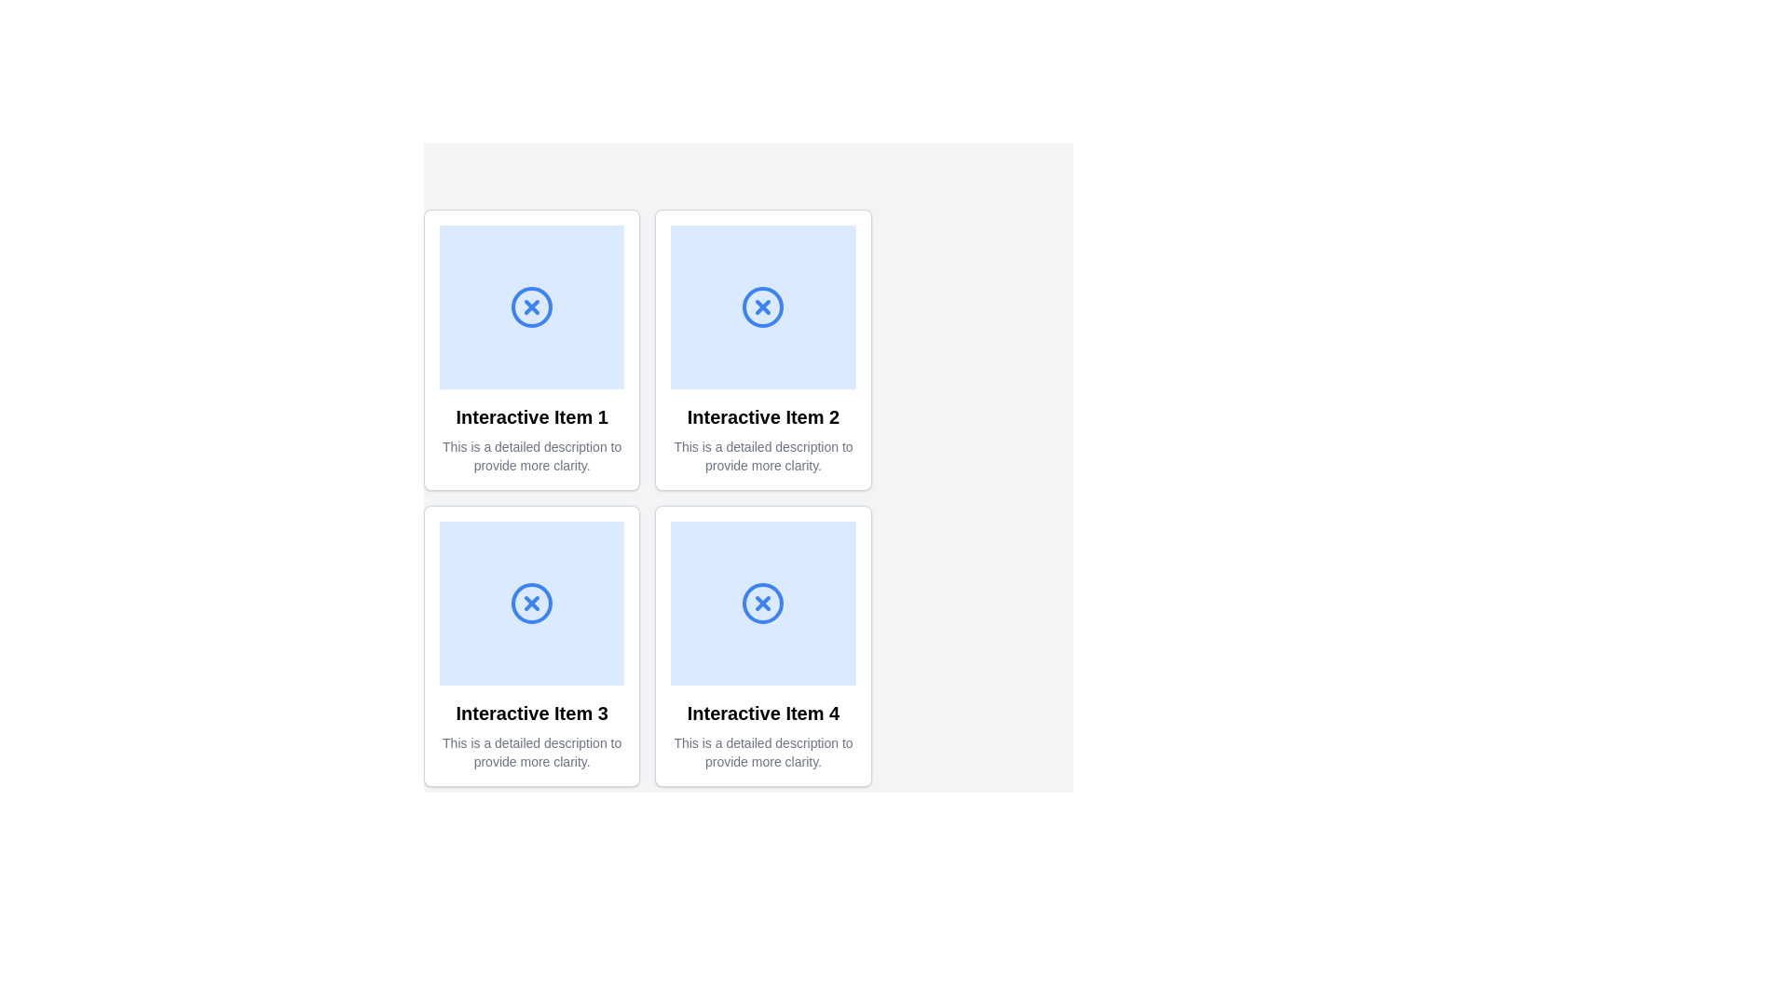 The image size is (1789, 1006). What do you see at coordinates (813, 306) in the screenshot?
I see `the radius of the circular element` at bounding box center [813, 306].